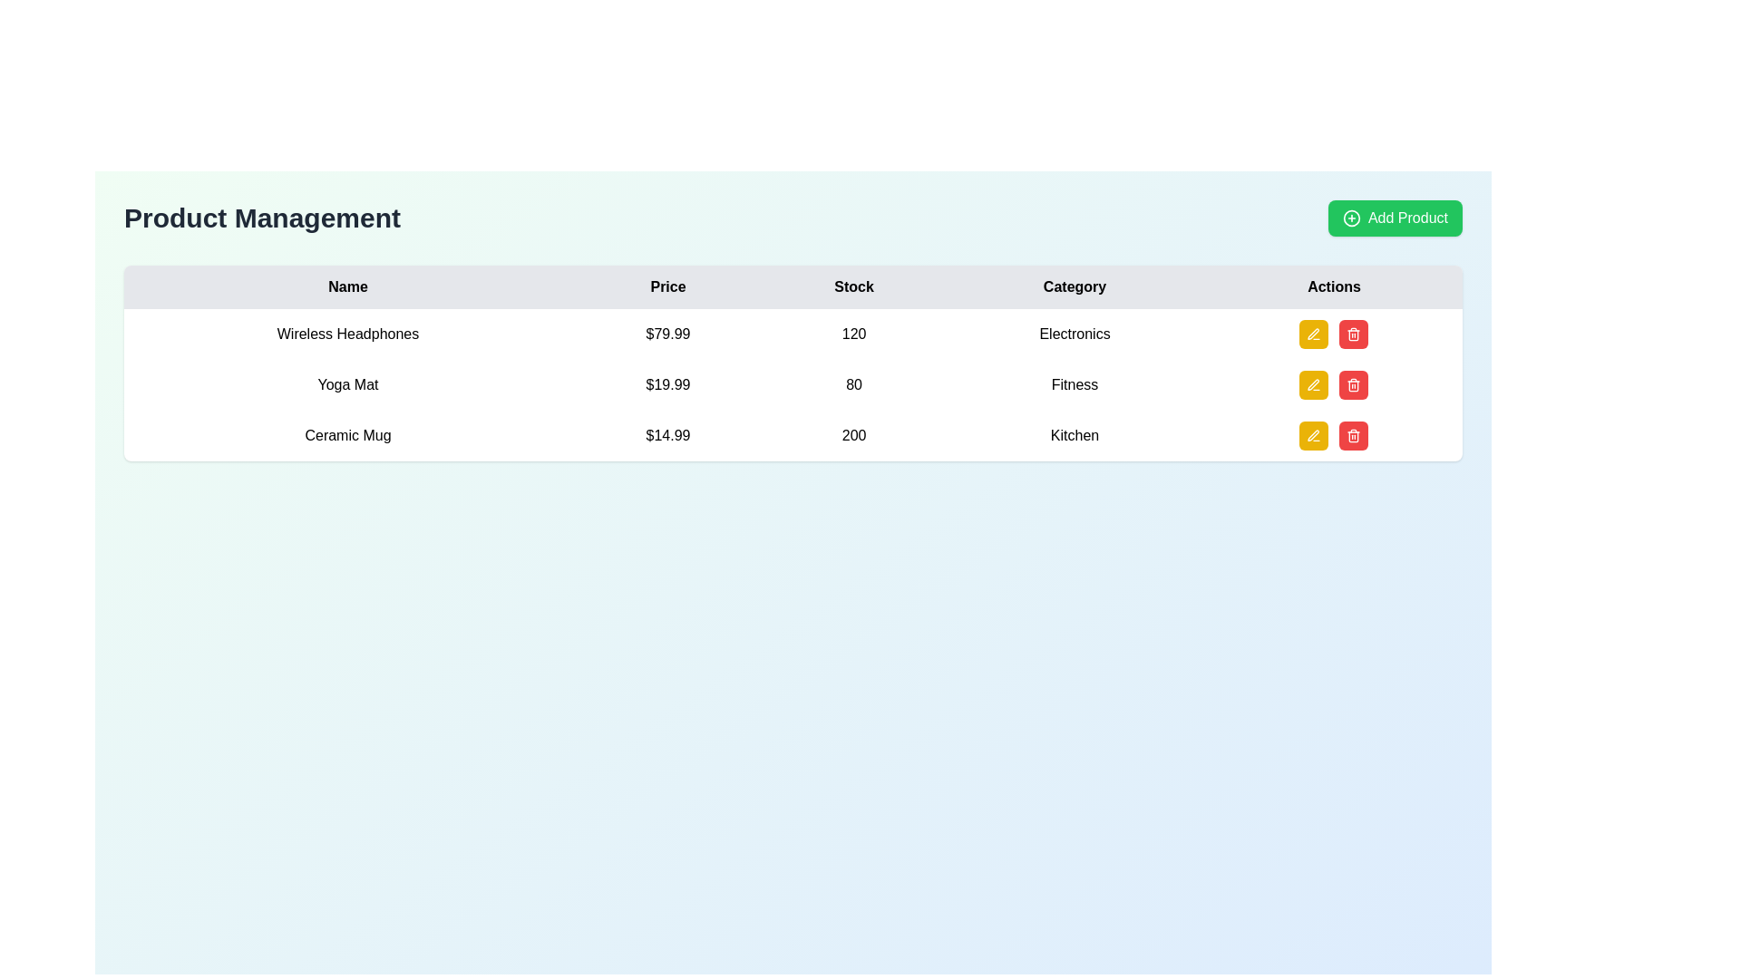  What do you see at coordinates (1075, 436) in the screenshot?
I see `the text label in the 'Category' column of the last row, which provides contextual information about the product listed, located adjacent to '200' and action buttons` at bounding box center [1075, 436].